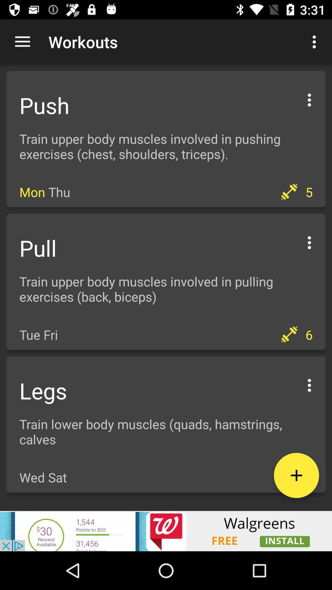 This screenshot has width=332, height=590. Describe the element at coordinates (289, 191) in the screenshot. I see `dumbbell icon which is on the right side of mon thu` at that location.